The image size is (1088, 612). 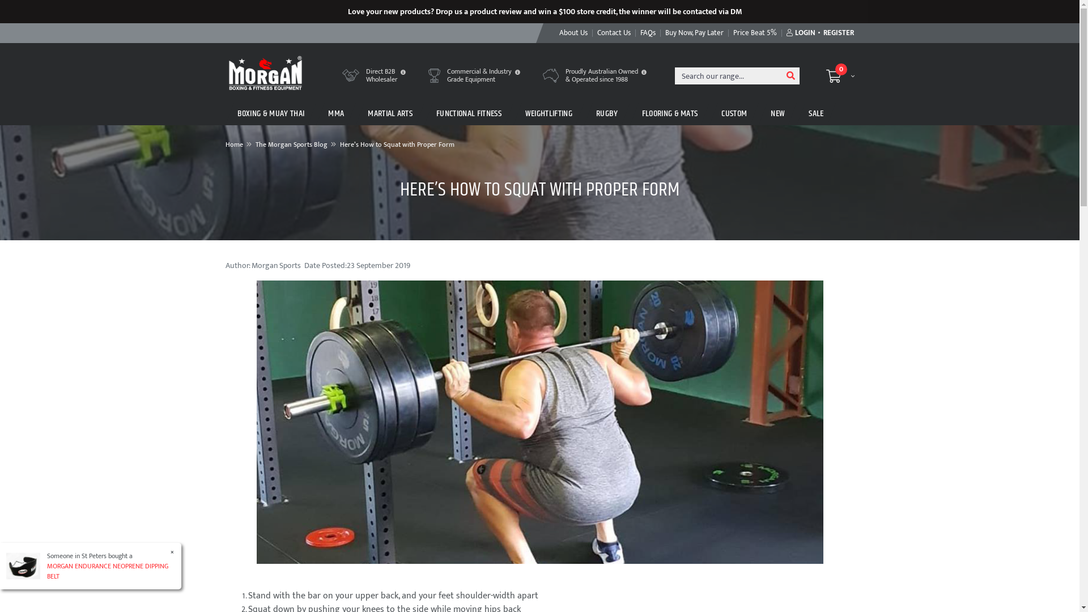 What do you see at coordinates (606, 113) in the screenshot?
I see `'RUGBY'` at bounding box center [606, 113].